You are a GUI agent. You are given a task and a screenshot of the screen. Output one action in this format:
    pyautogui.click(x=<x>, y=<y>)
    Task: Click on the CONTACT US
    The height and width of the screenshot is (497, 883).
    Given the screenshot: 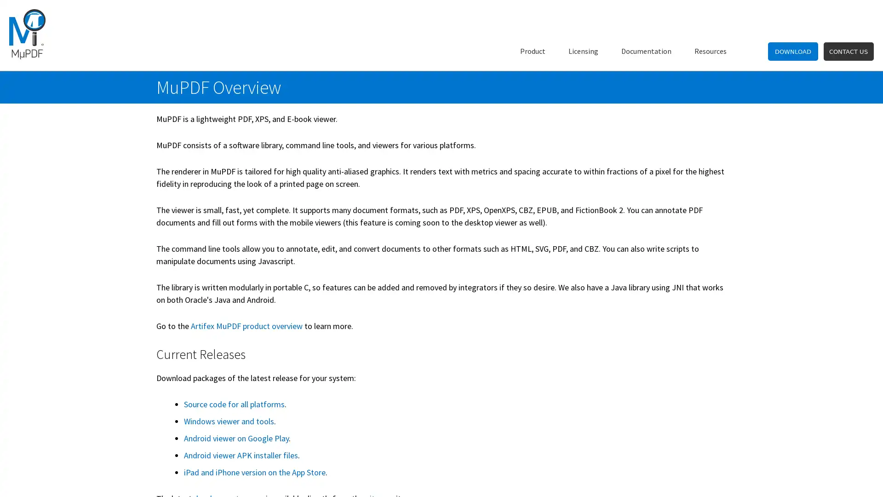 What is the action you would take?
    pyautogui.click(x=848, y=51)
    